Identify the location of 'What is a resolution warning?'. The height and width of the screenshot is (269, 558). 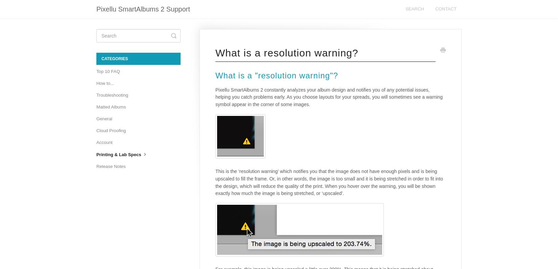
(215, 52).